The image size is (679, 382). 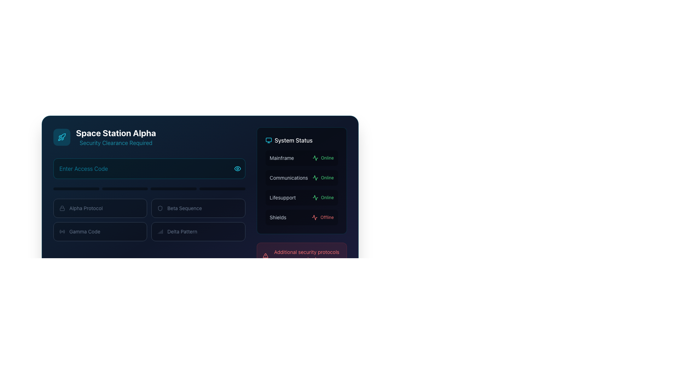 What do you see at coordinates (116, 137) in the screenshot?
I see `the Text Label that conveys the name 'Space Station Alpha' and indicates 'Security Clearance Required', located in the upper-left section of the interface` at bounding box center [116, 137].